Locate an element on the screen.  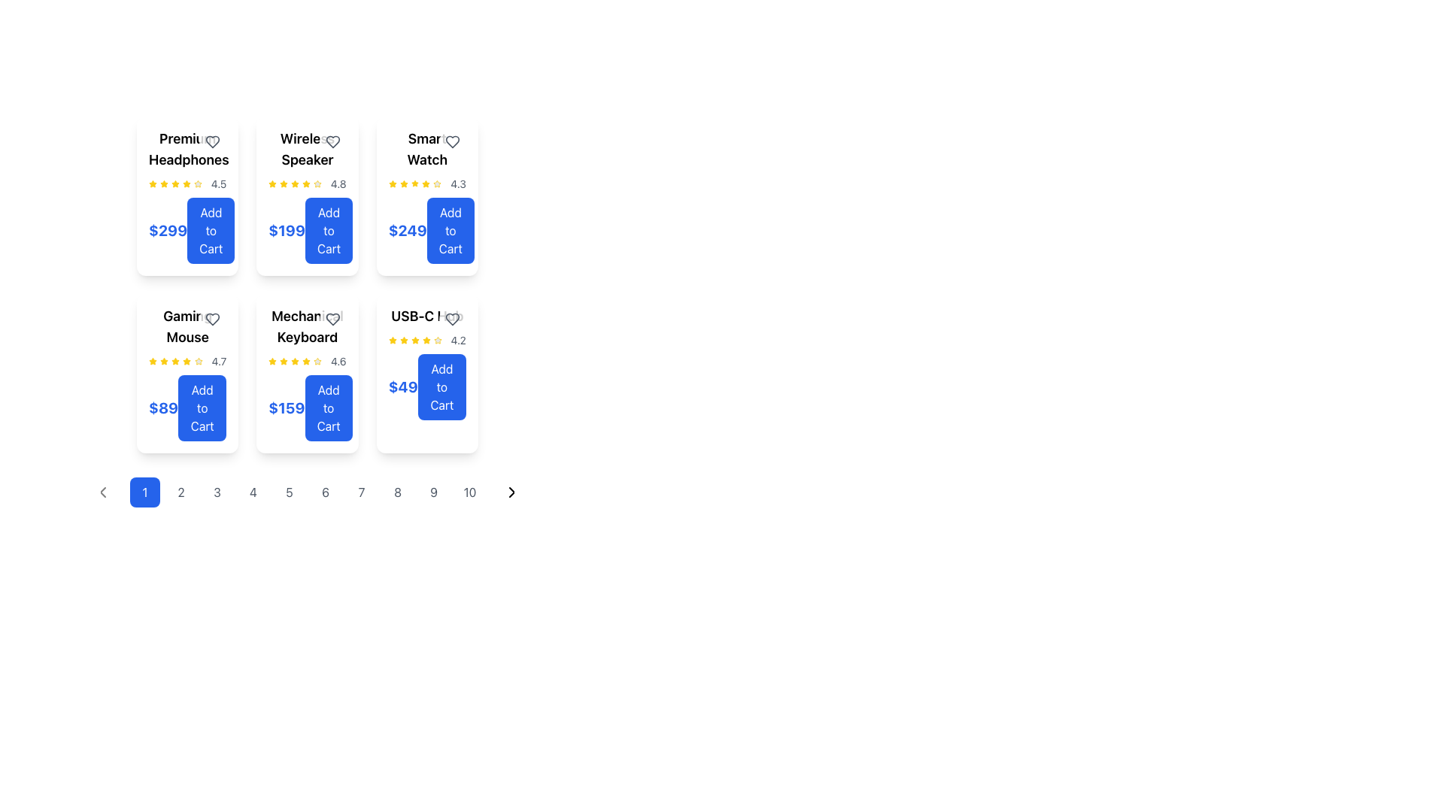
the sixth star icon in the rating stars for the 'Wireless Speaker' product, which is outlined in gray and filled with light gray, located beneath the product title is located at coordinates (317, 183).